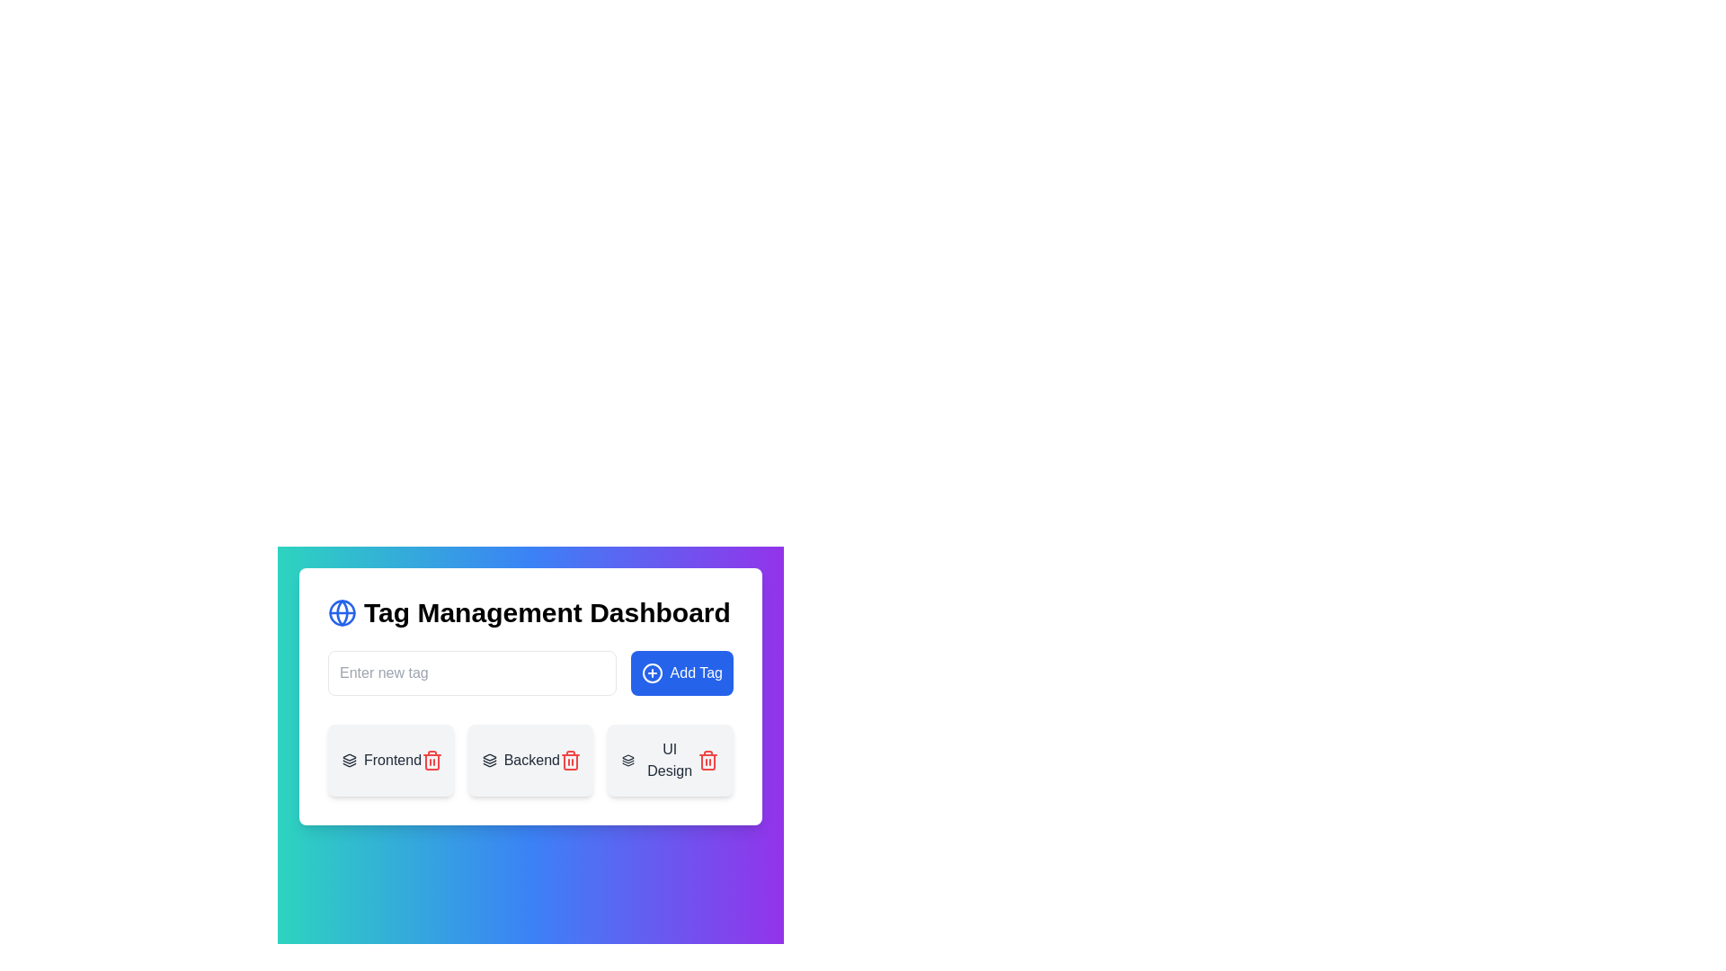 The width and height of the screenshot is (1726, 971). What do you see at coordinates (681, 673) in the screenshot?
I see `the rectangular blue button labeled 'Add Tag' with rounded corners and a plus sign icon` at bounding box center [681, 673].